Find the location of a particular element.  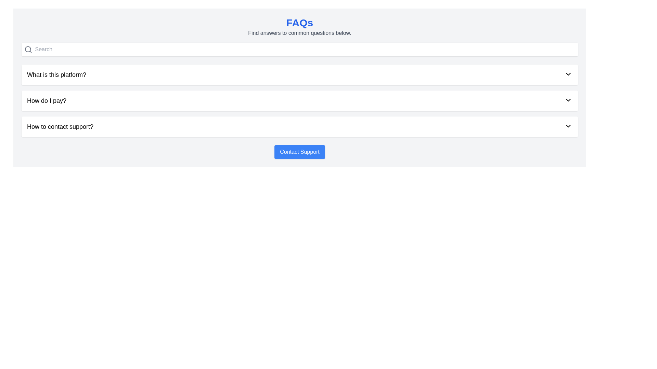

the text label that displays 'What is this platform?' which is the first question in the FAQ list is located at coordinates (56, 75).